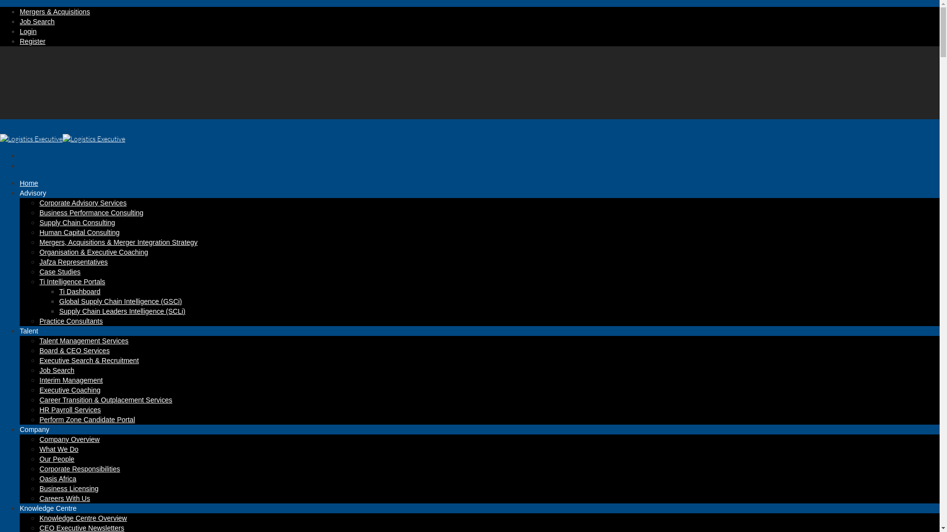 Image resolution: width=947 pixels, height=532 pixels. What do you see at coordinates (39, 379) in the screenshot?
I see `'Interim Management'` at bounding box center [39, 379].